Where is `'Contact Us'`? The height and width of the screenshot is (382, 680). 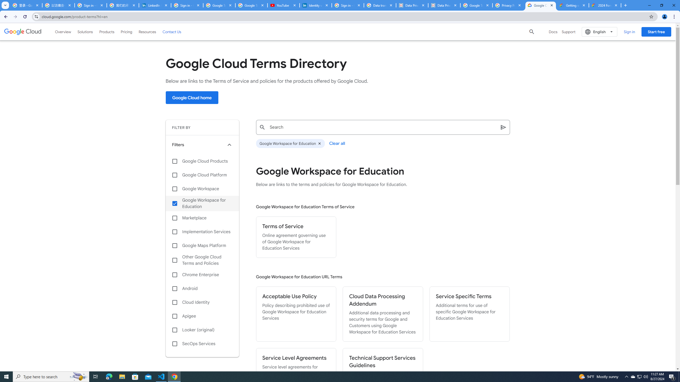
'Contact Us' is located at coordinates (172, 32).